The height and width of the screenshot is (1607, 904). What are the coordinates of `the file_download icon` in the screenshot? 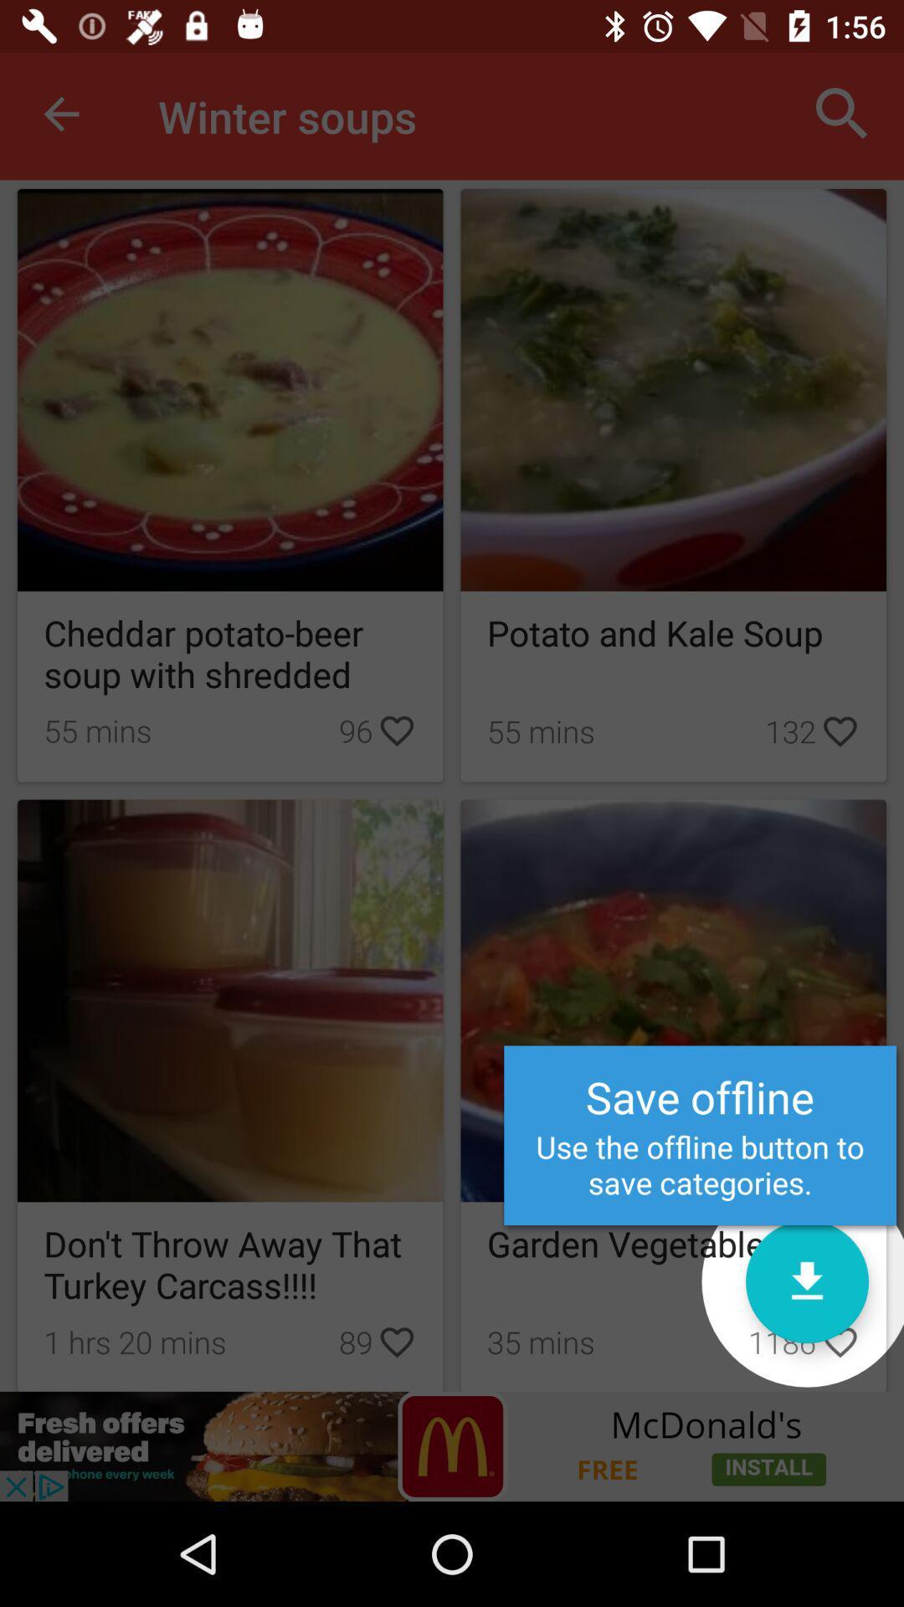 It's located at (806, 1281).